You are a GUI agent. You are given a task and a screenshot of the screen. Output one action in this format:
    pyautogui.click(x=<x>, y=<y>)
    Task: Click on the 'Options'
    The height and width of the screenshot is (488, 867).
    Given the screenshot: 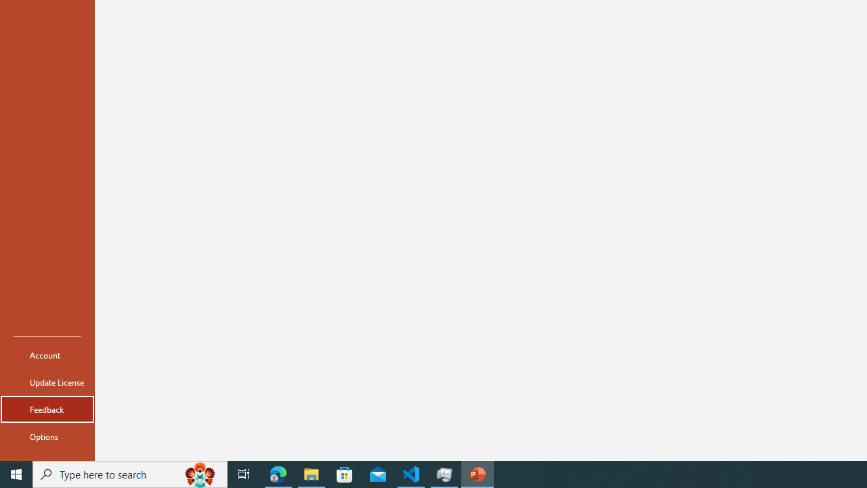 What is the action you would take?
    pyautogui.click(x=47, y=436)
    